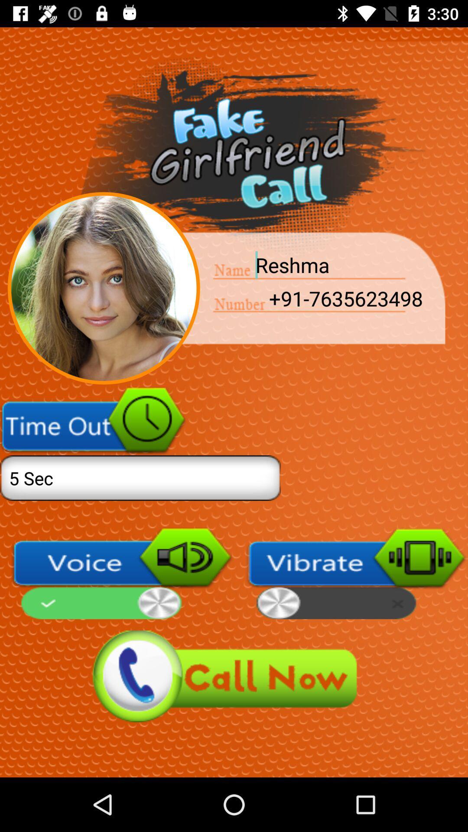  I want to click on vibrate button, so click(357, 573).